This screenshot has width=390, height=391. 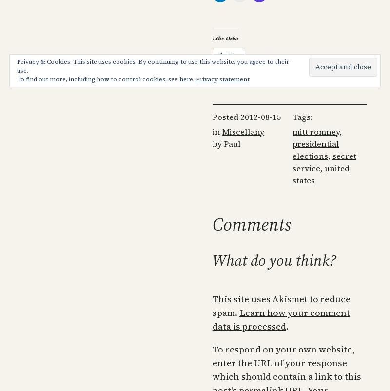 What do you see at coordinates (315, 149) in the screenshot?
I see `'presidential elections'` at bounding box center [315, 149].